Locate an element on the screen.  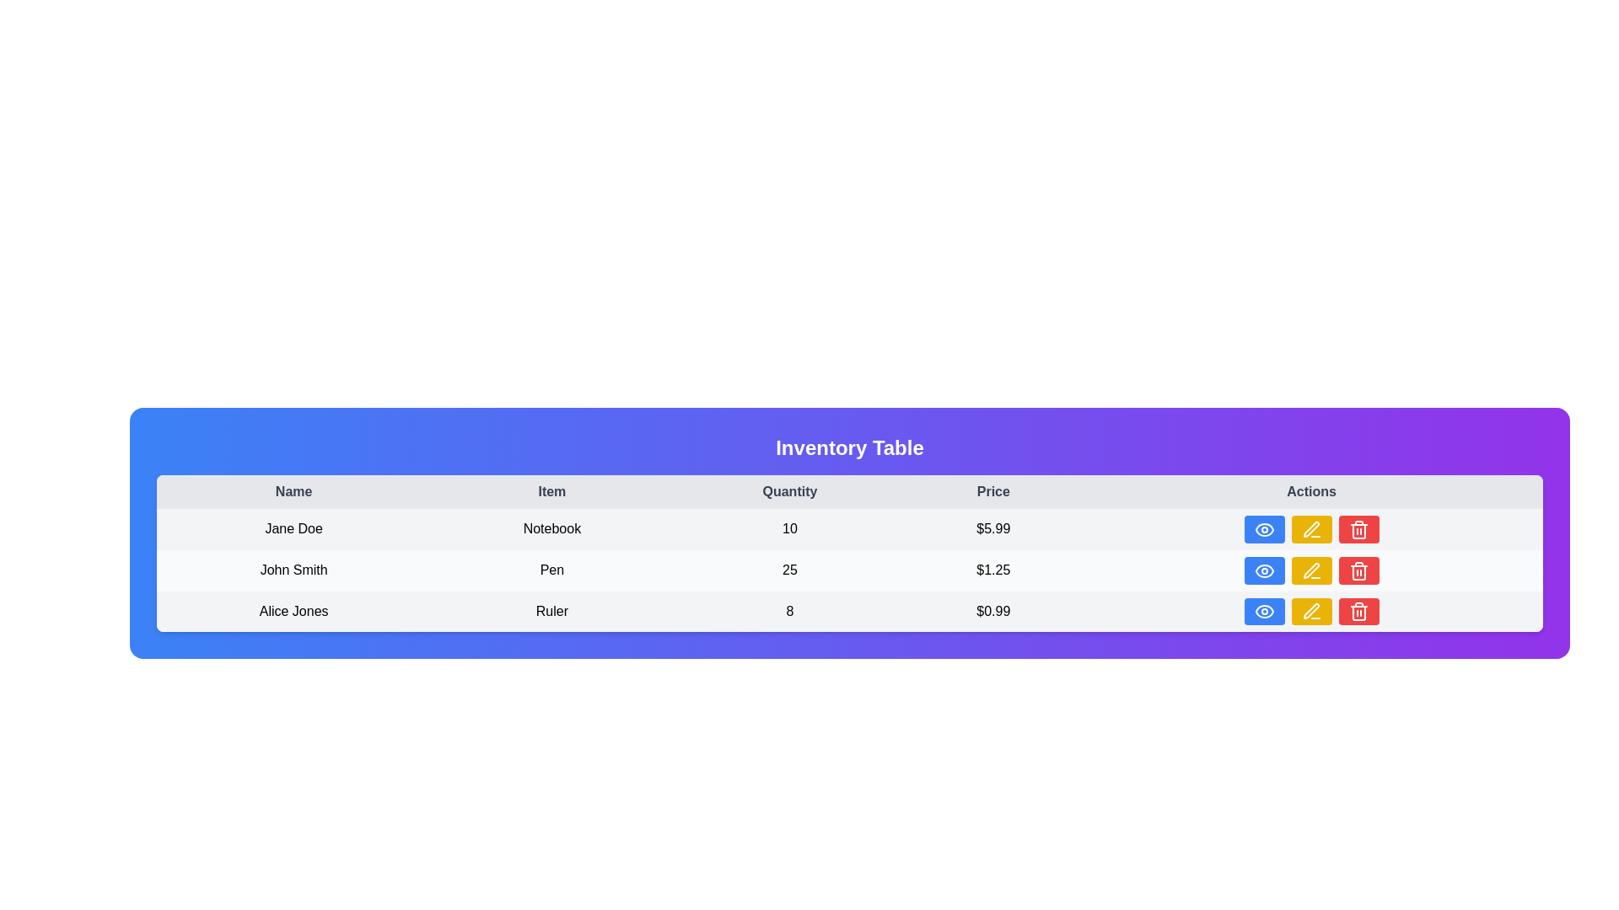
the eye icon button in the Actions column of the data table for the 'John Smith' entry is located at coordinates (1264, 528).